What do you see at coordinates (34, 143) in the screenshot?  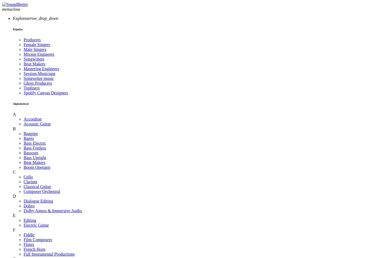 I see `'Bass Electric'` at bounding box center [34, 143].